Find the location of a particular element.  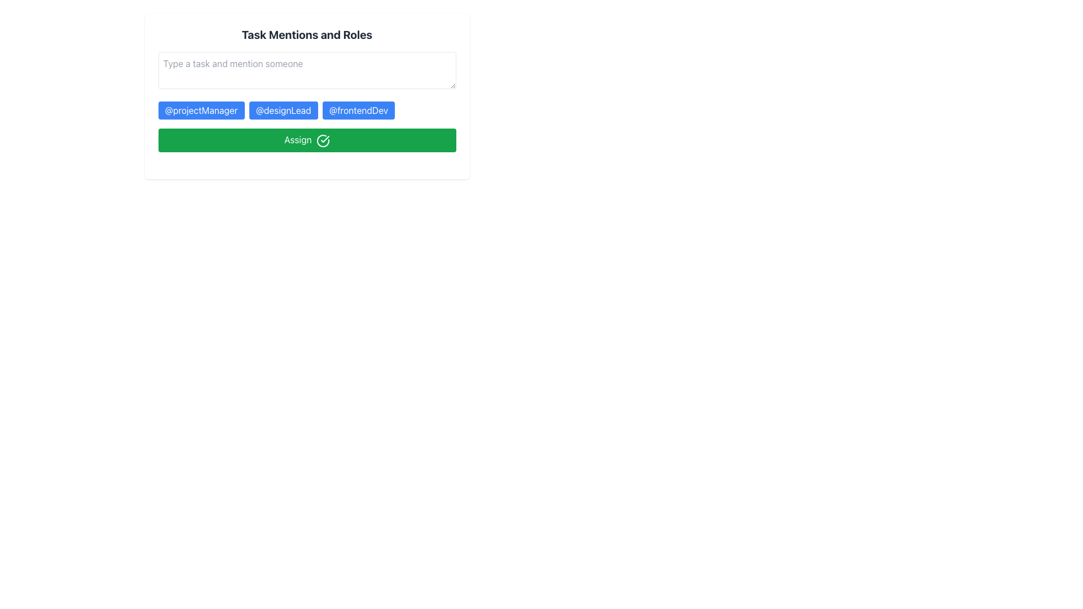

the second tag representing the user '@designLead', located between the tags '@projectManager' and '@frontendDev' under the 'Task Mentions and Roles' header is located at coordinates (307, 111).